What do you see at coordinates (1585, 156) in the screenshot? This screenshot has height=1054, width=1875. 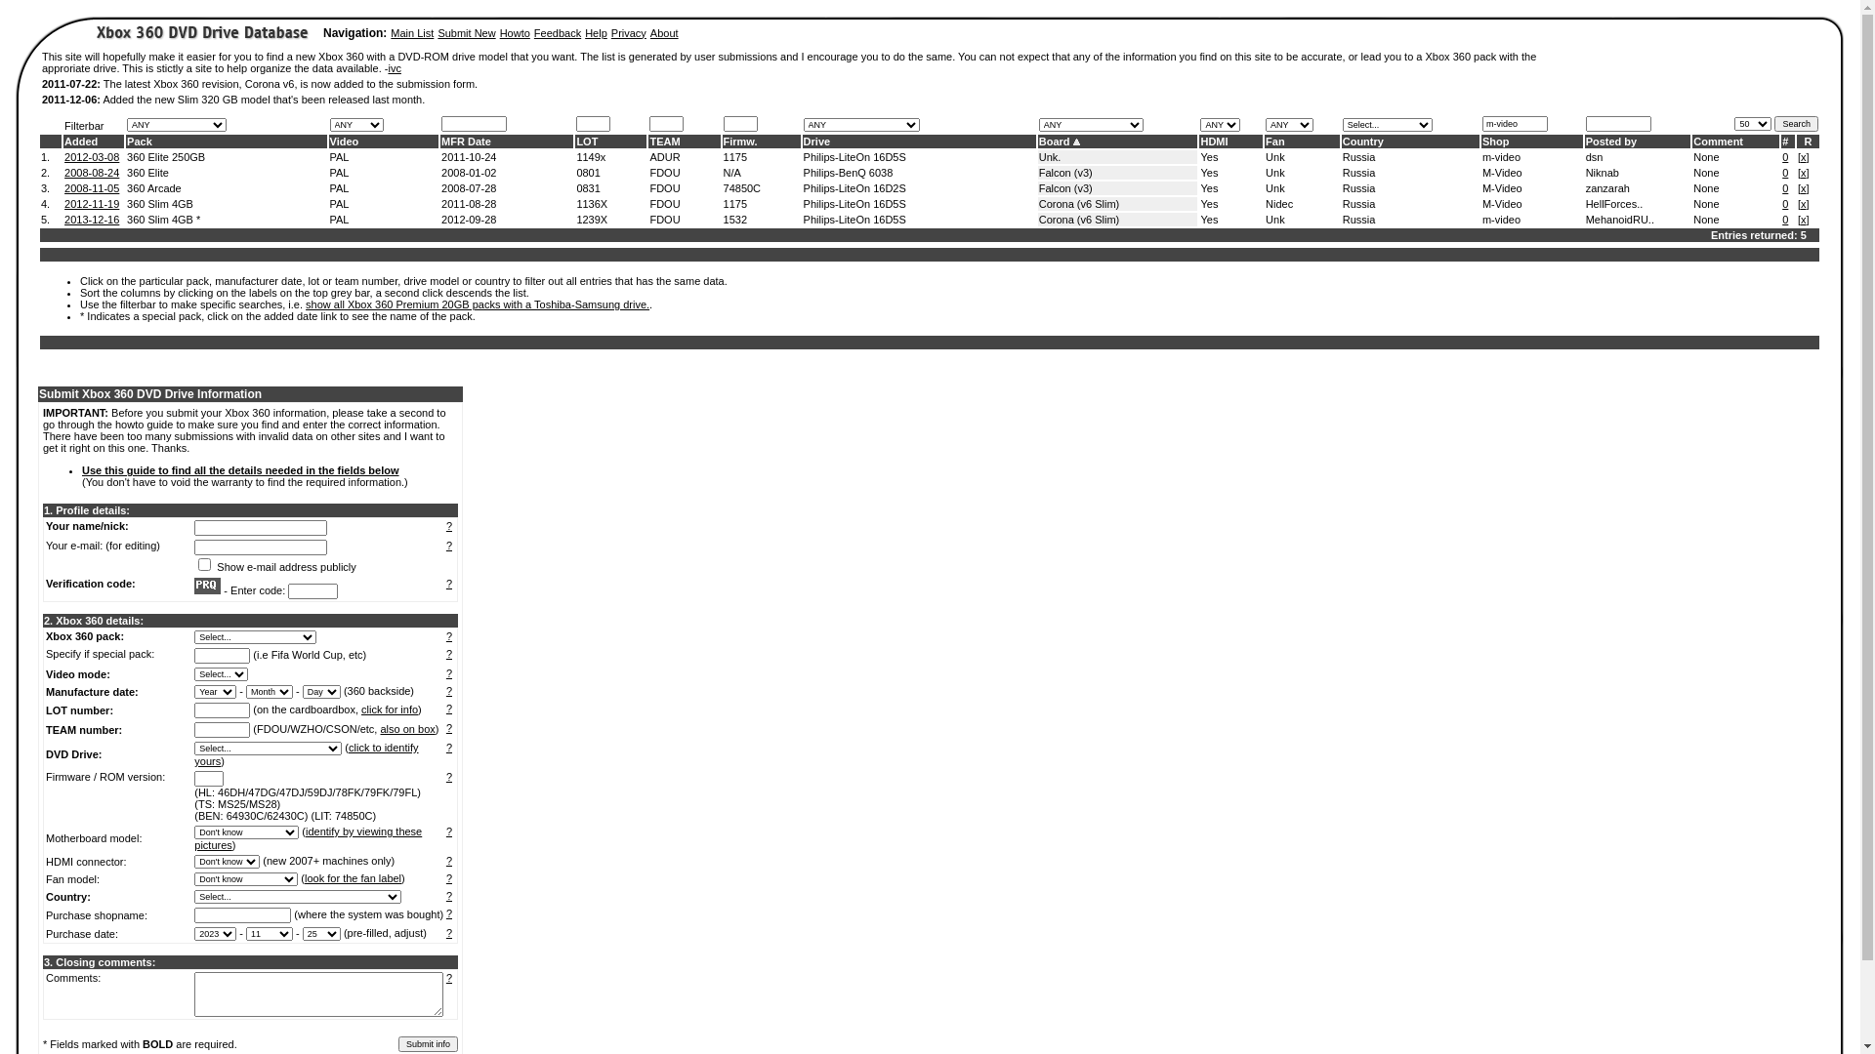 I see `'dsn'` at bounding box center [1585, 156].